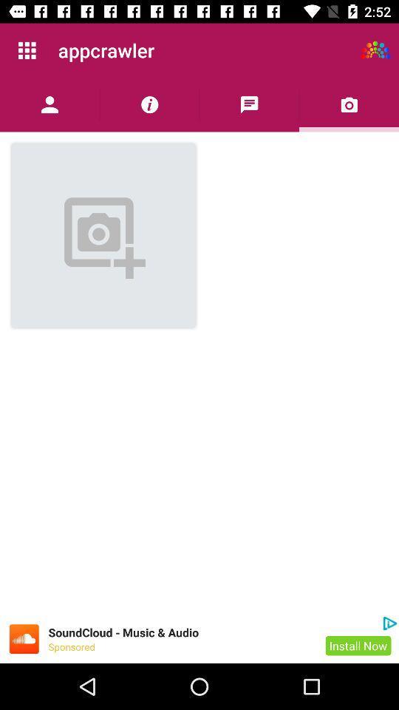 This screenshot has height=710, width=399. I want to click on find a new date, so click(375, 50).